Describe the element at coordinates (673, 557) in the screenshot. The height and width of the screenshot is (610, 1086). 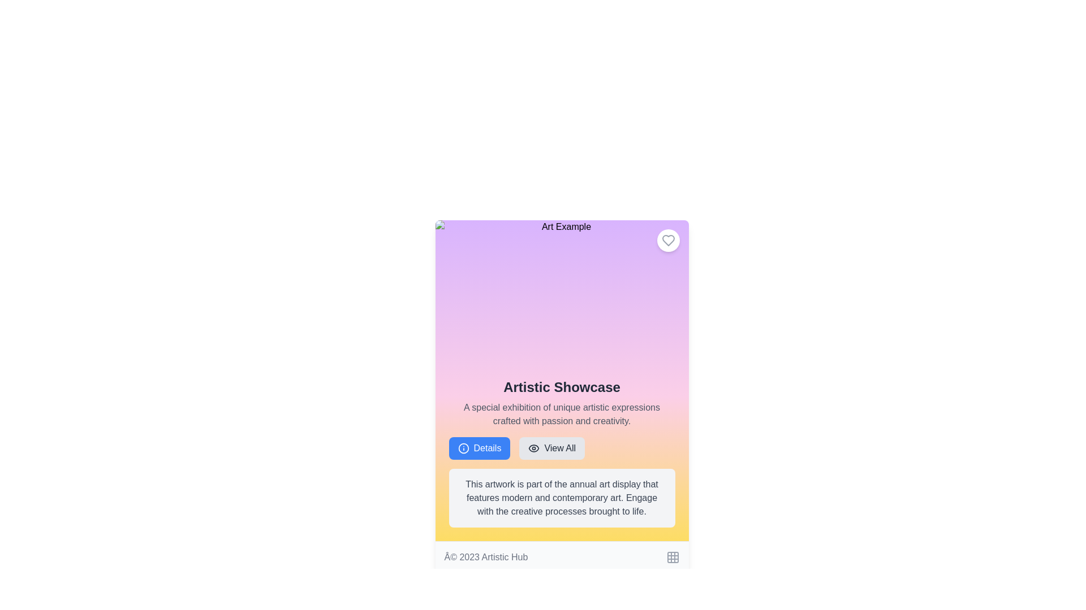
I see `the small icon styled as a 3x3 grid of squares located at the bottom-right corner of the footer, next to '© 2023 Artistic Hub'` at that location.